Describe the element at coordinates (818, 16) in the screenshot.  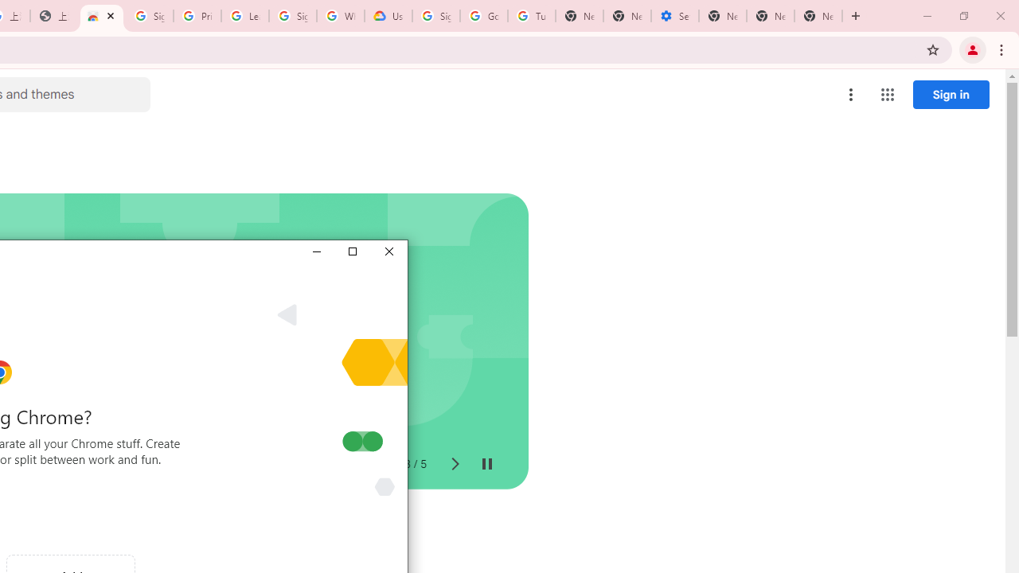
I see `'New Tab'` at that location.